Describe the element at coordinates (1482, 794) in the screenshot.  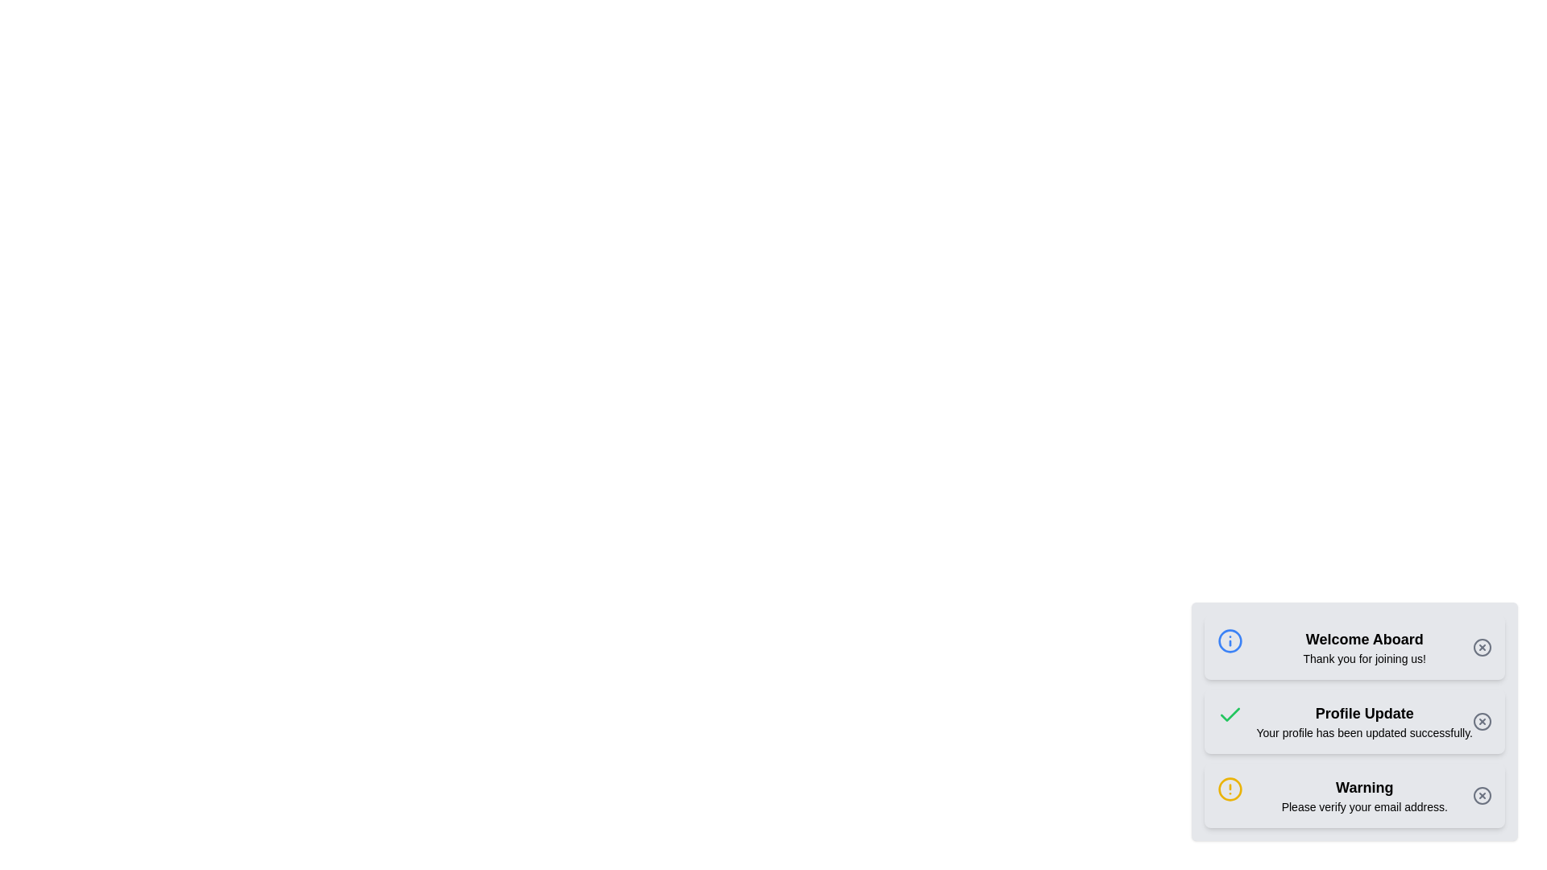
I see `keyboard navigation` at that location.